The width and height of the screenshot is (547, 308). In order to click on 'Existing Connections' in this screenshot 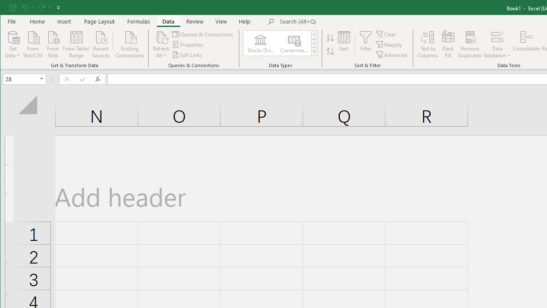, I will do `click(129, 44)`.